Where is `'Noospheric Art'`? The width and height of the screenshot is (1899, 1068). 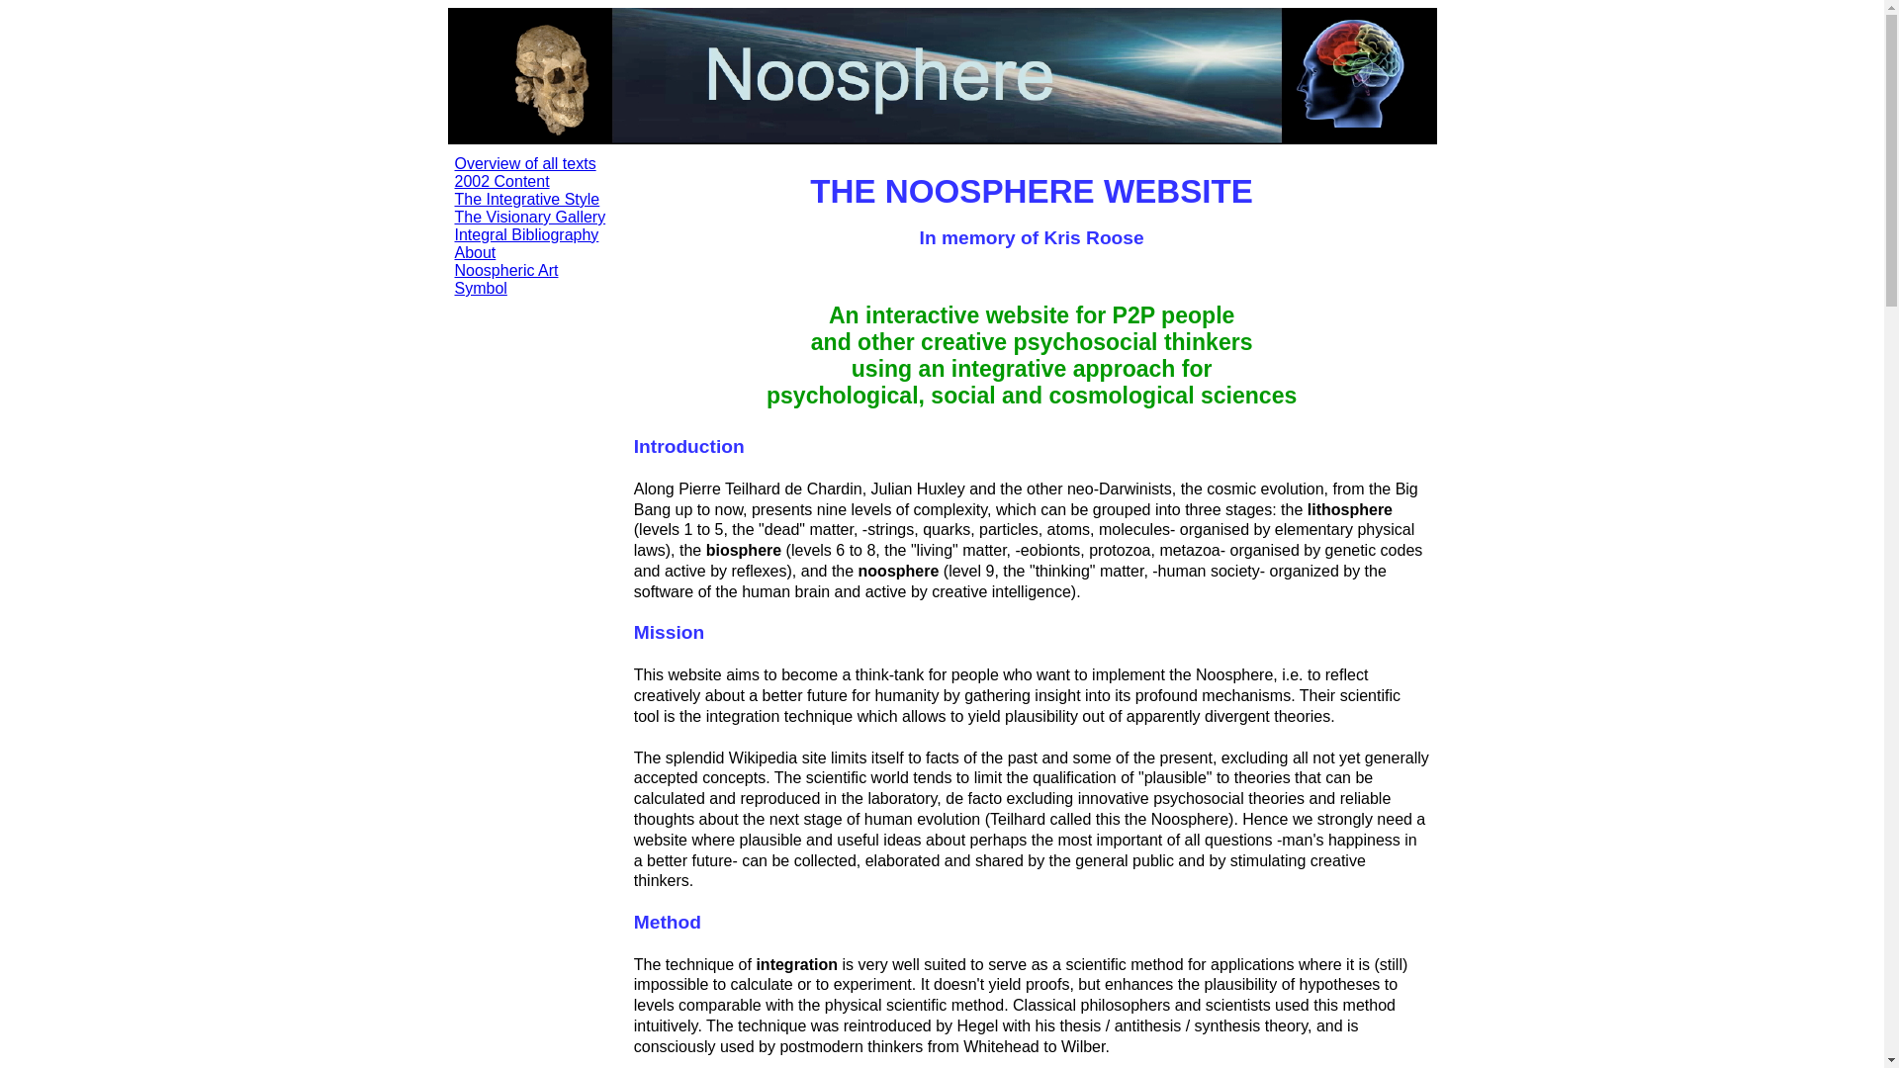
'Noospheric Art' is located at coordinates (506, 270).